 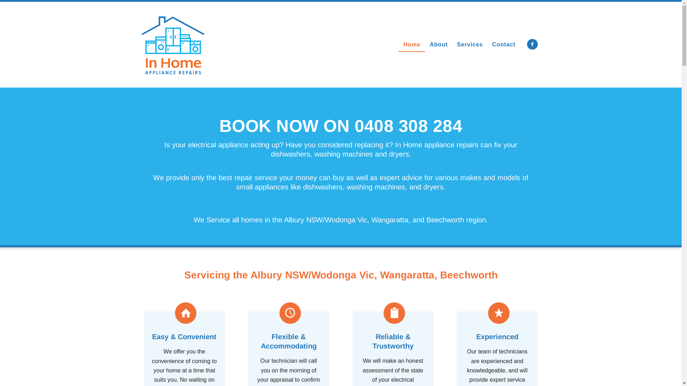 What do you see at coordinates (503, 44) in the screenshot?
I see `'Contact'` at bounding box center [503, 44].